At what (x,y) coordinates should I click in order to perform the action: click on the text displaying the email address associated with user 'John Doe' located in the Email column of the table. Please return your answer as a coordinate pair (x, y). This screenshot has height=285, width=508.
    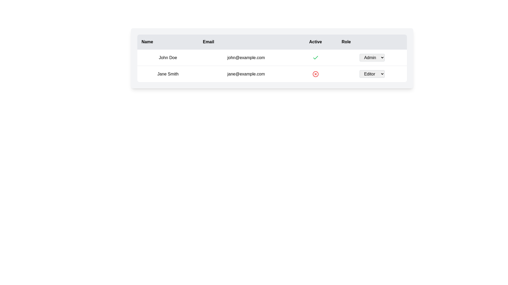
    Looking at the image, I should click on (246, 58).